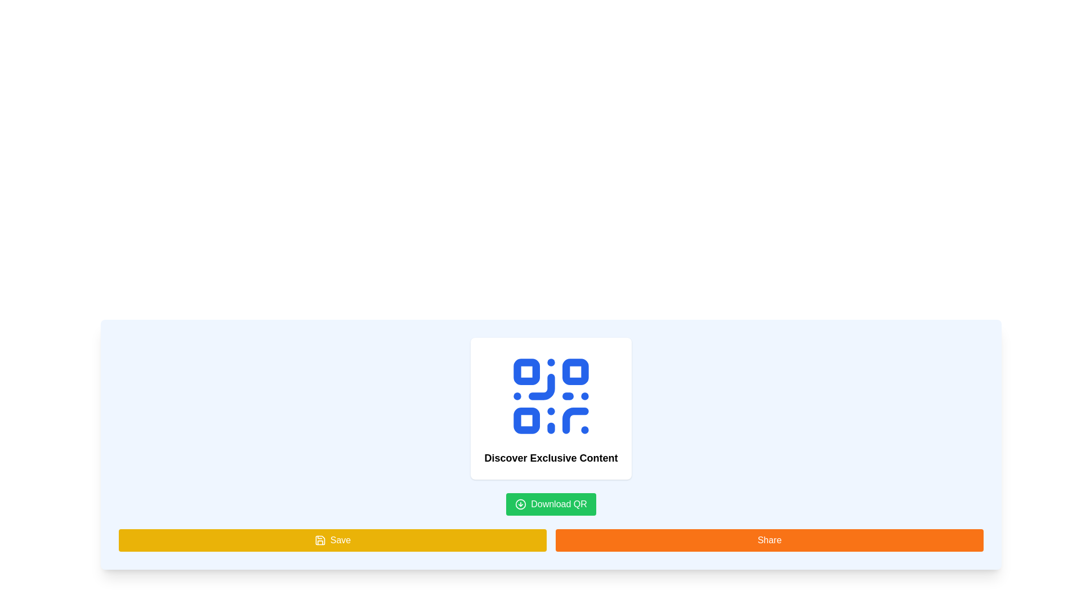 The width and height of the screenshot is (1081, 608). I want to click on the 'Save' button with a yellow background and a save icon located in the bottom-left section of the interface, so click(332, 540).